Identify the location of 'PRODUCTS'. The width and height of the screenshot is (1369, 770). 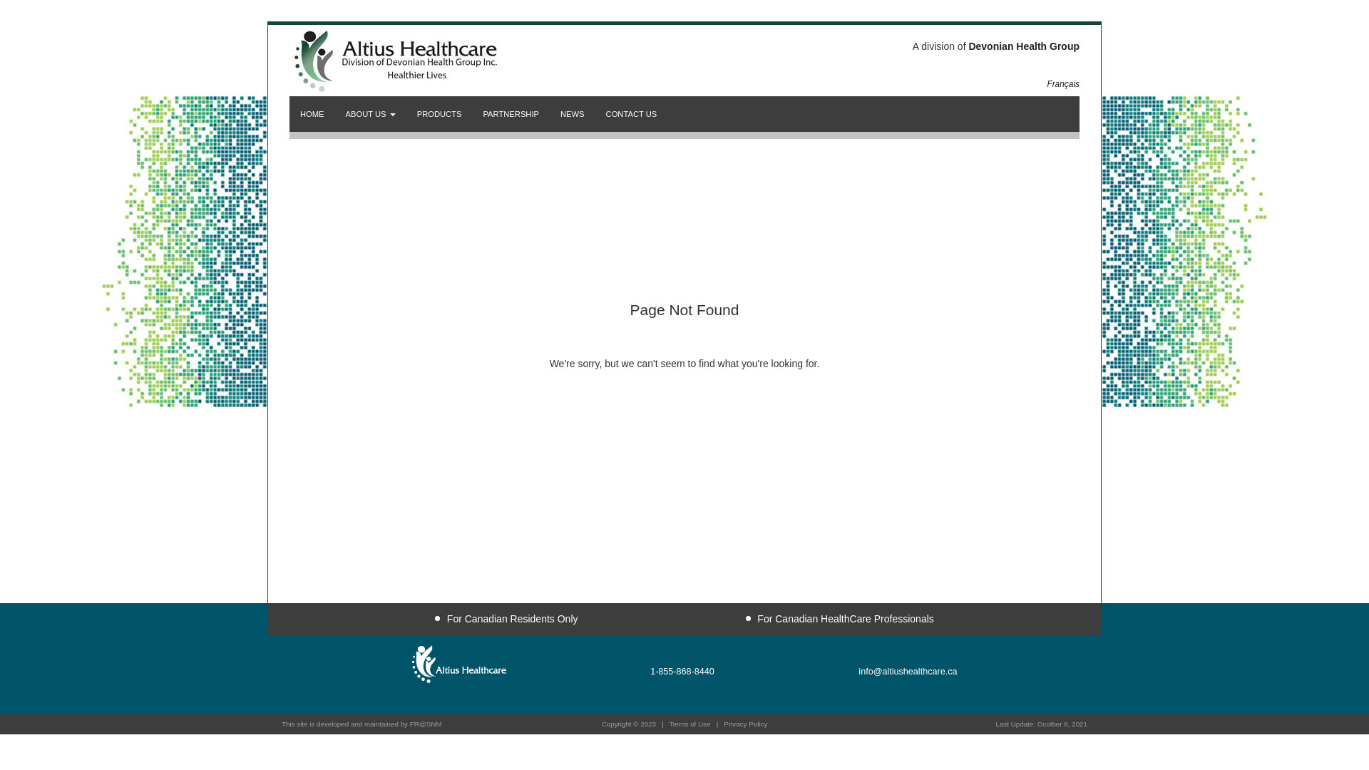
(406, 113).